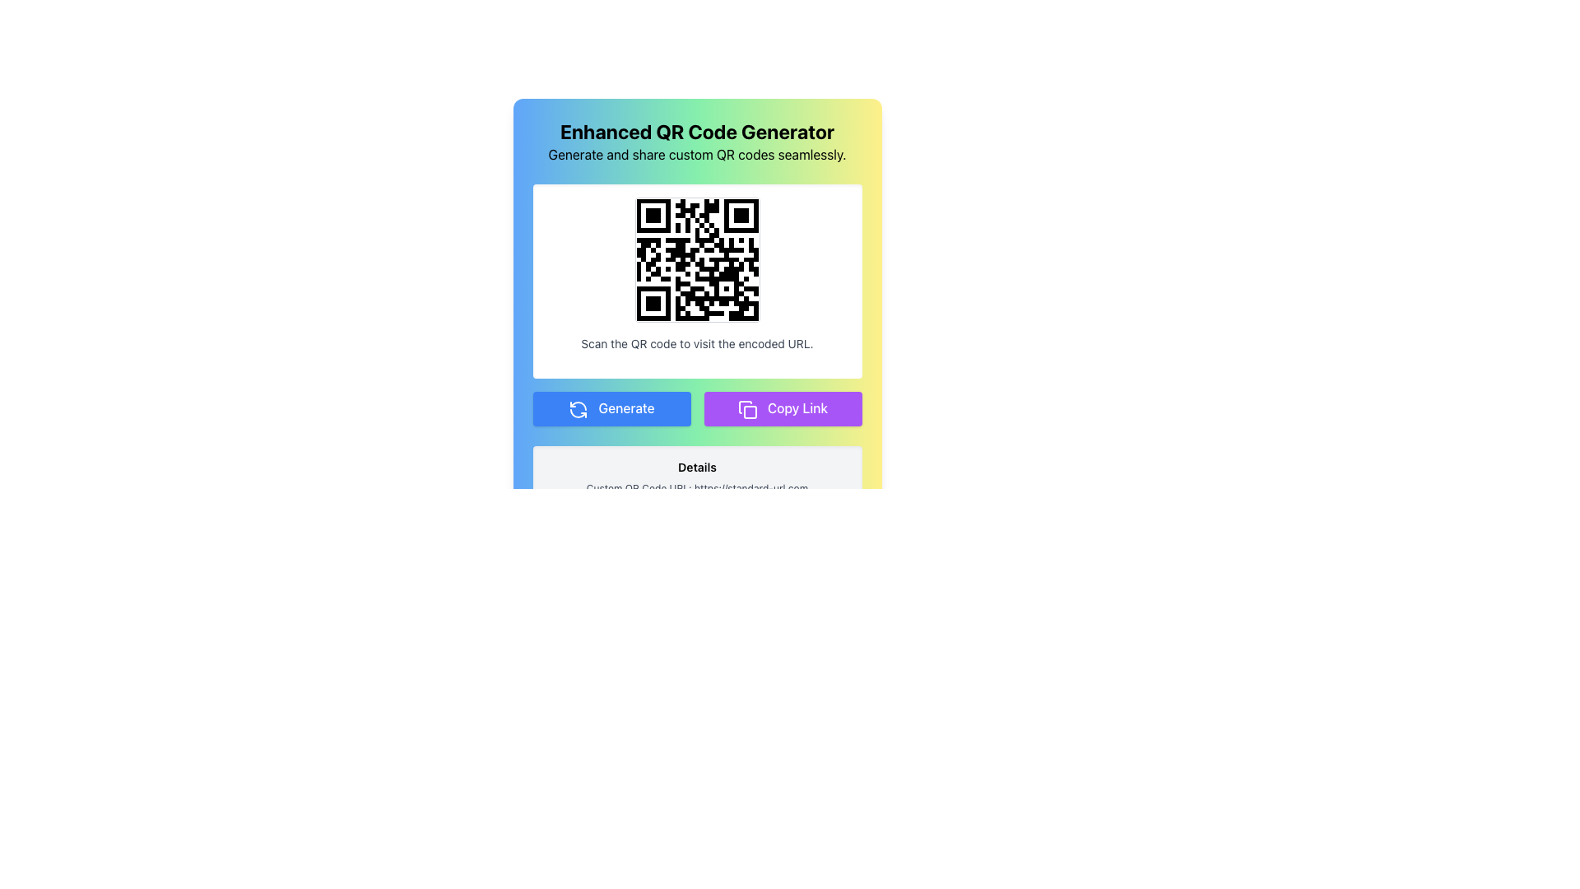 The width and height of the screenshot is (1580, 889). Describe the element at coordinates (746, 408) in the screenshot. I see `the small document icon representing a copy action, which is located inside the purple 'Copy Link' button, positioned near the QR code and next to the green 'Generate' button` at that location.